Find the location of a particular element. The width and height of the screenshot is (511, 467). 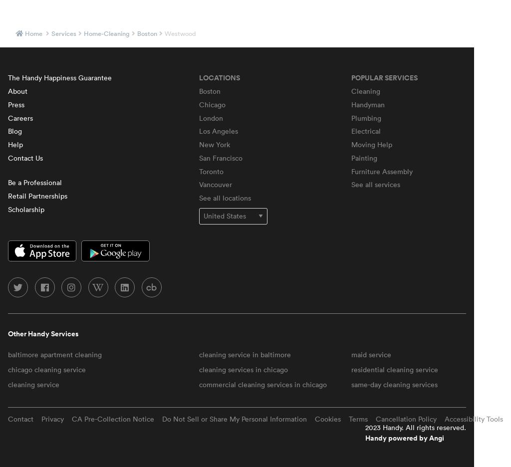

'residential cleaning service' is located at coordinates (395, 369).